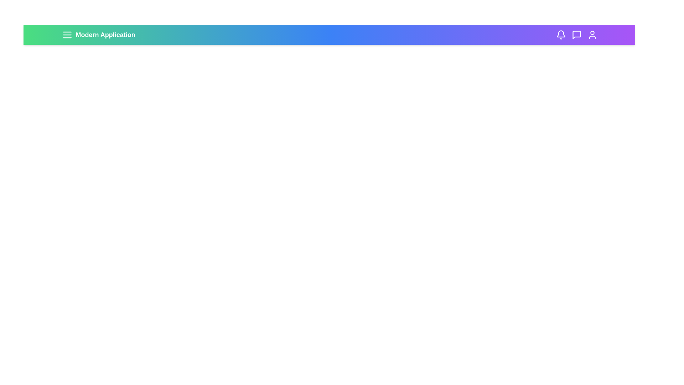  Describe the element at coordinates (560, 35) in the screenshot. I see `the notification icon in the app bar` at that location.